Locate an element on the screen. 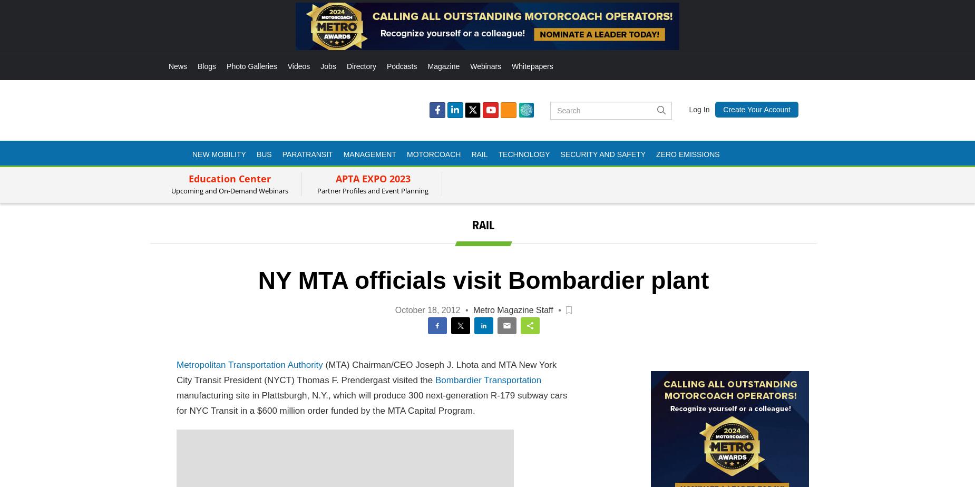  'Create Your Account' is located at coordinates (756, 109).